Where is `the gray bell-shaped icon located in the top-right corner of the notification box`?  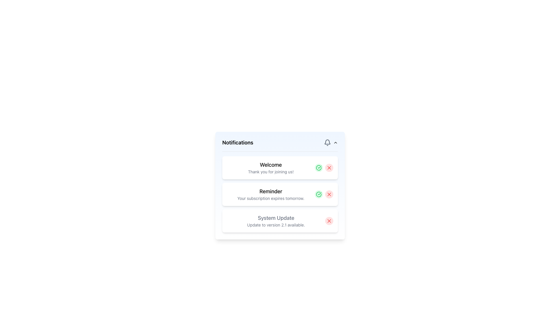
the gray bell-shaped icon located in the top-right corner of the notification box is located at coordinates (327, 142).